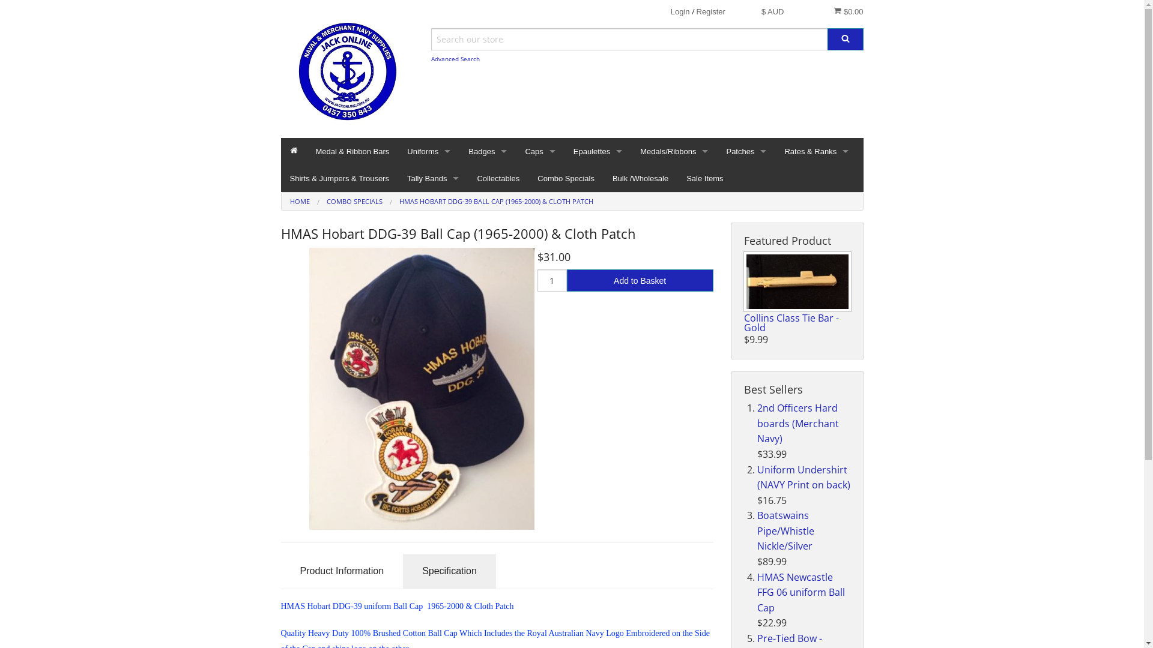 This screenshot has height=648, width=1153. I want to click on 'Caps', so click(539, 151).